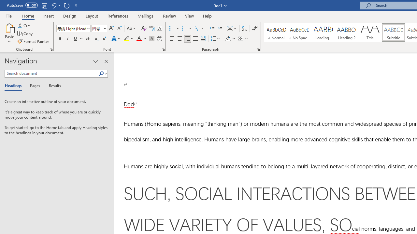 The image size is (417, 234). I want to click on 'Justify', so click(195, 39).